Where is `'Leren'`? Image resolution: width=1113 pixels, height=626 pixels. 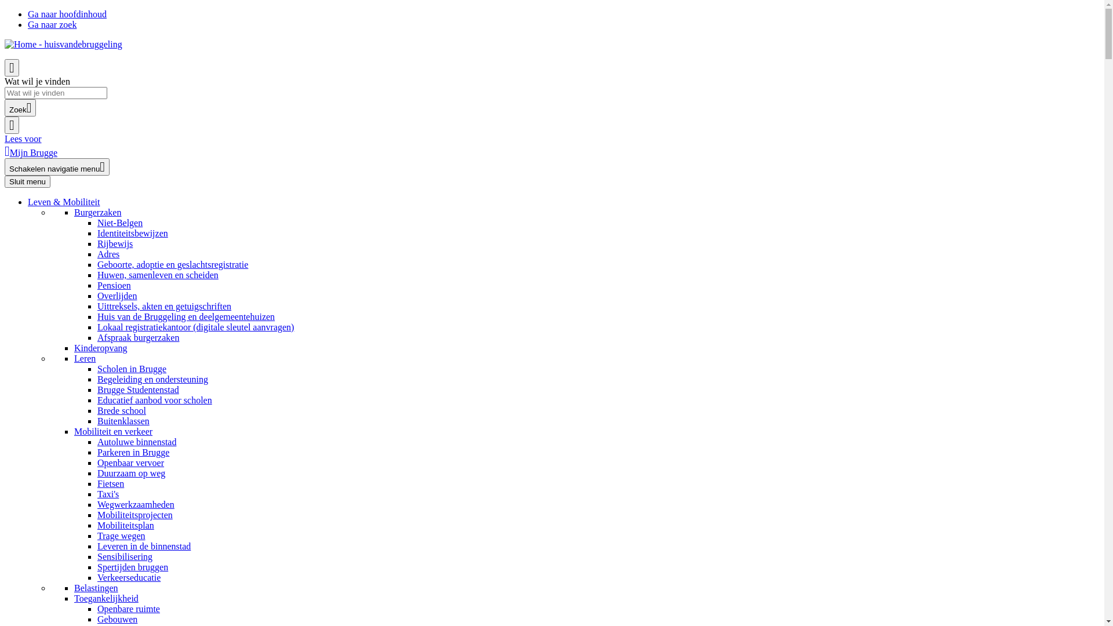 'Leren' is located at coordinates (84, 358).